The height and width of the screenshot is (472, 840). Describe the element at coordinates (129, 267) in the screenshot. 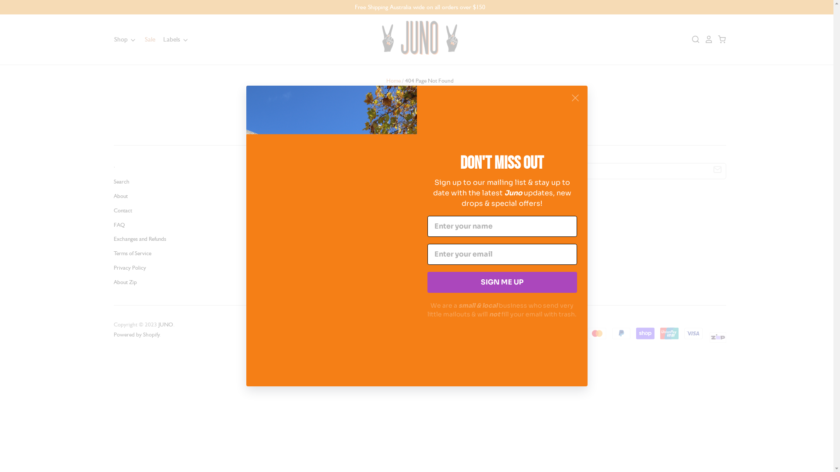

I see `'Privacy Policy'` at that location.